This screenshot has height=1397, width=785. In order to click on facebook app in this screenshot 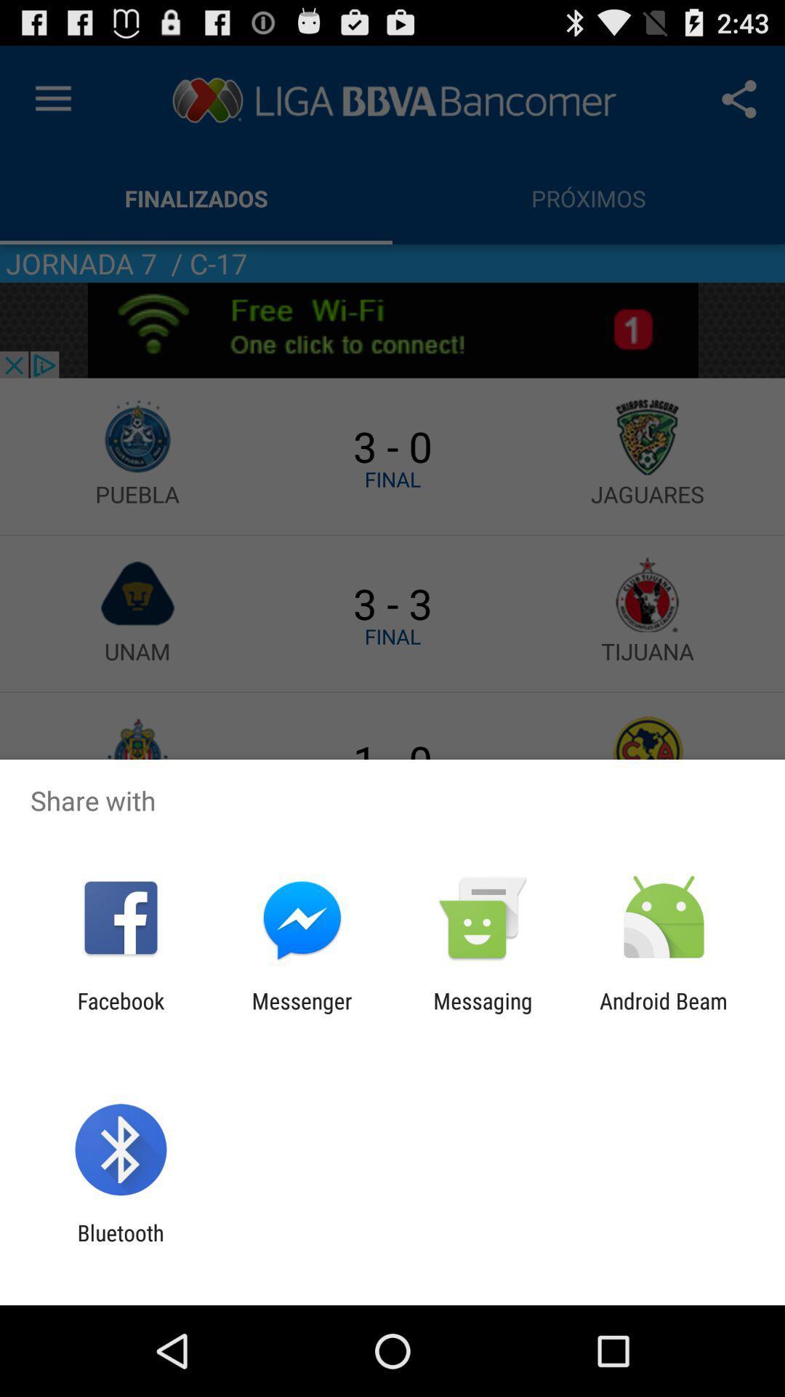, I will do `click(120, 1013)`.